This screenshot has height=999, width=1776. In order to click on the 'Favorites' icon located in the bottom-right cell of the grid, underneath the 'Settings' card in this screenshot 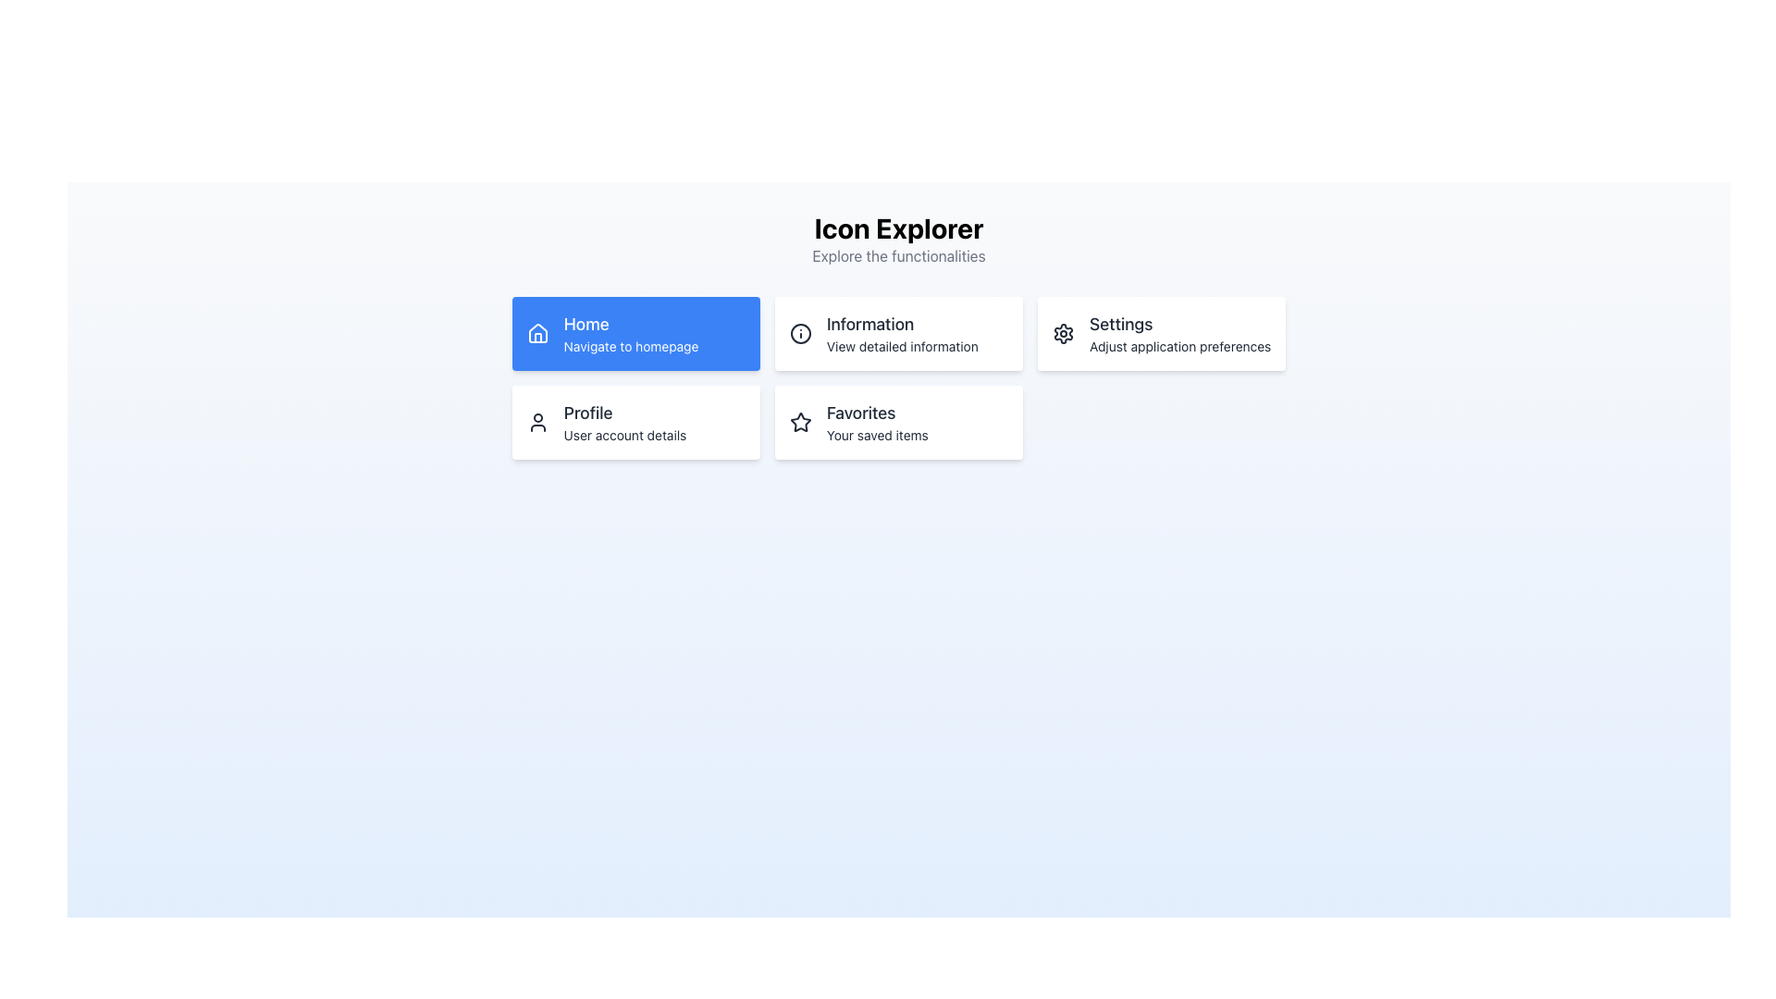, I will do `click(799, 421)`.